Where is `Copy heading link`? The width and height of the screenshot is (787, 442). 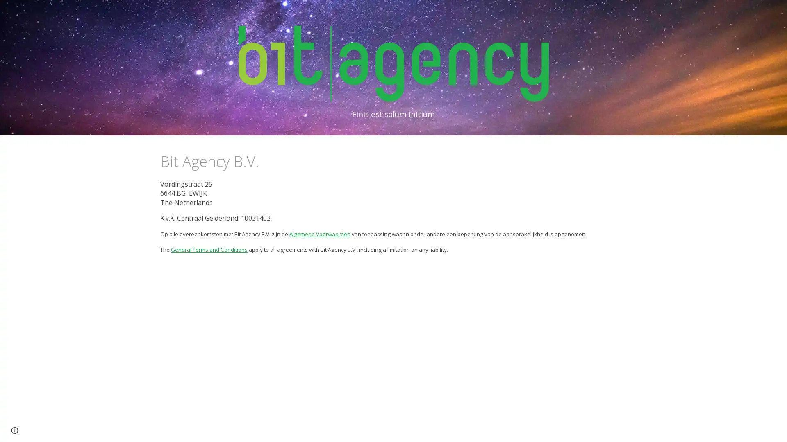
Copy heading link is located at coordinates (268, 161).